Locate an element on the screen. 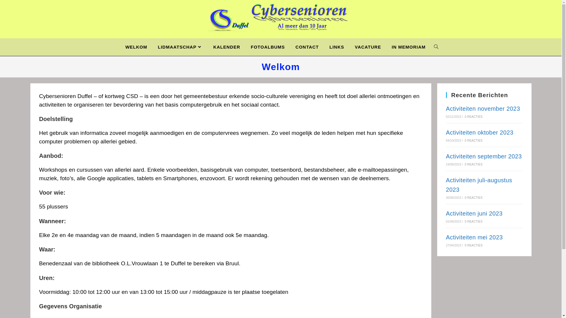  '0 REACTIES' is located at coordinates (465, 117).